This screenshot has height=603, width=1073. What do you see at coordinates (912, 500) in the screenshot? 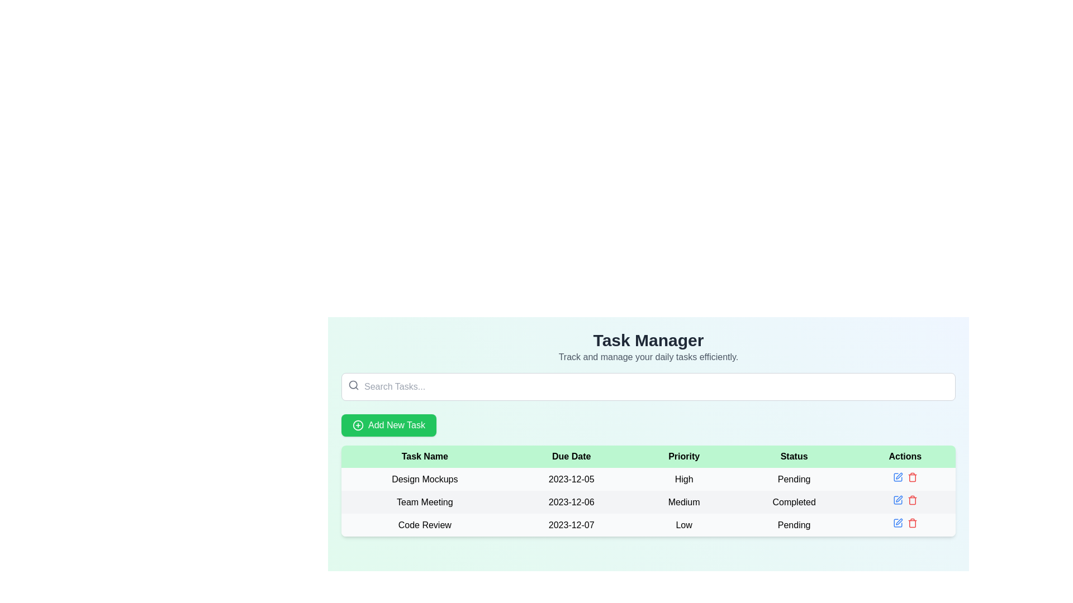
I see `the trash can icon in the Actions column of the second row in the task table` at bounding box center [912, 500].